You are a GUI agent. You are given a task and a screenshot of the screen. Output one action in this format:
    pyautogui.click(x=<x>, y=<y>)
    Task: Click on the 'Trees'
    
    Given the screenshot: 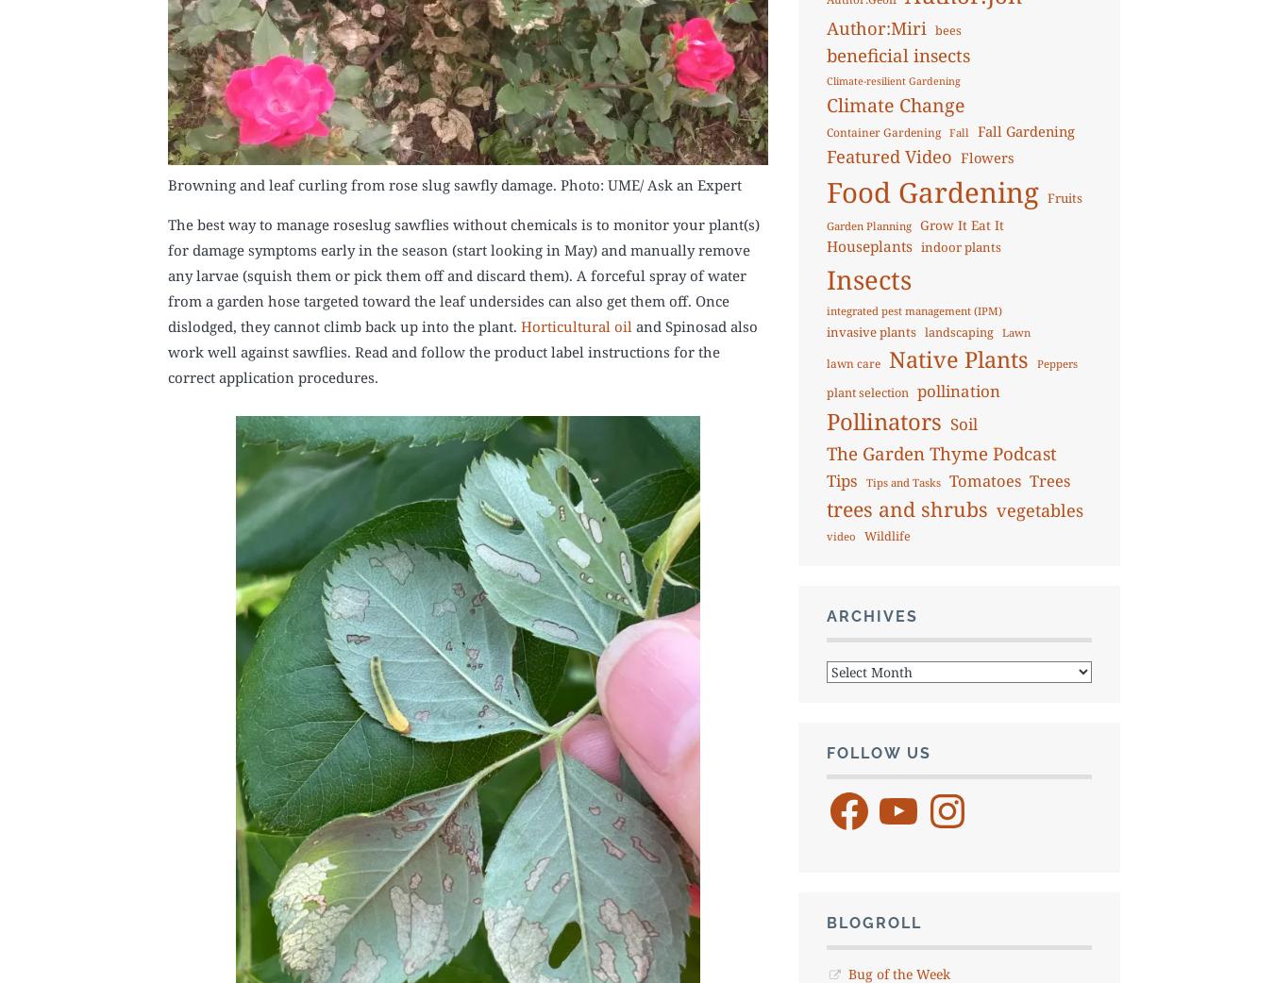 What is the action you would take?
    pyautogui.click(x=1048, y=479)
    